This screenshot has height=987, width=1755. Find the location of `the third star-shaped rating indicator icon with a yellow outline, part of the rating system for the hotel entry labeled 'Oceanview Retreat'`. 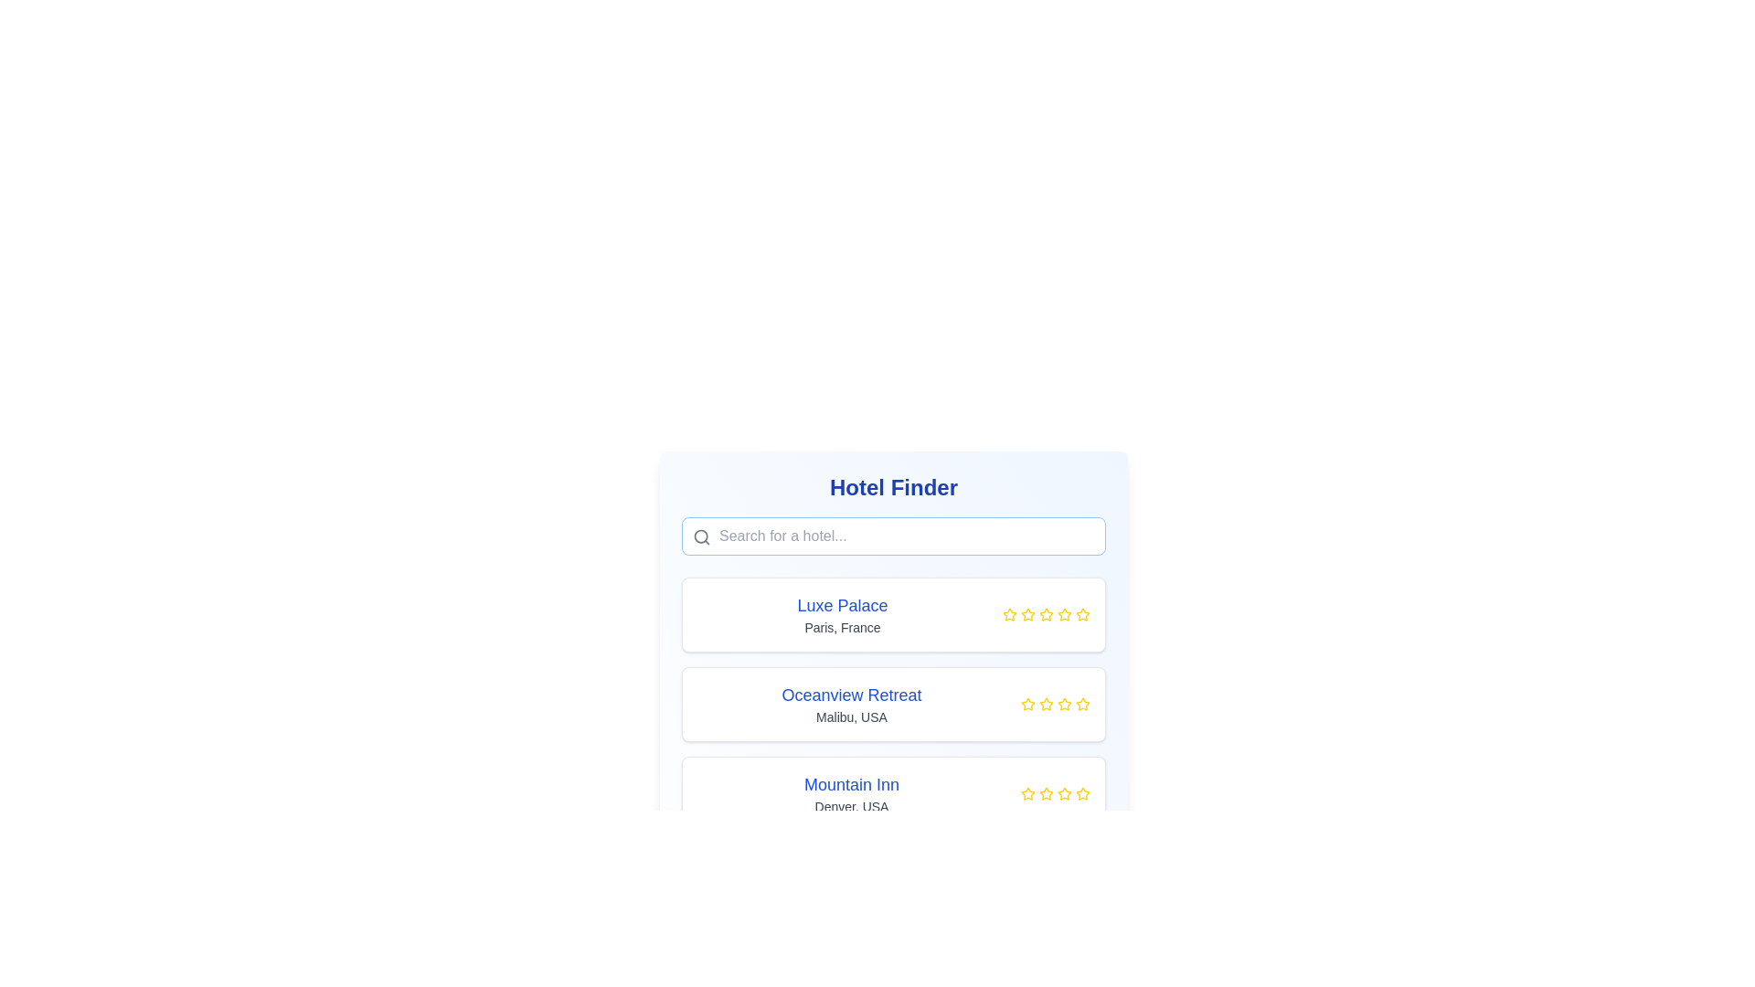

the third star-shaped rating indicator icon with a yellow outline, part of the rating system for the hotel entry labeled 'Oceanview Retreat' is located at coordinates (1047, 704).